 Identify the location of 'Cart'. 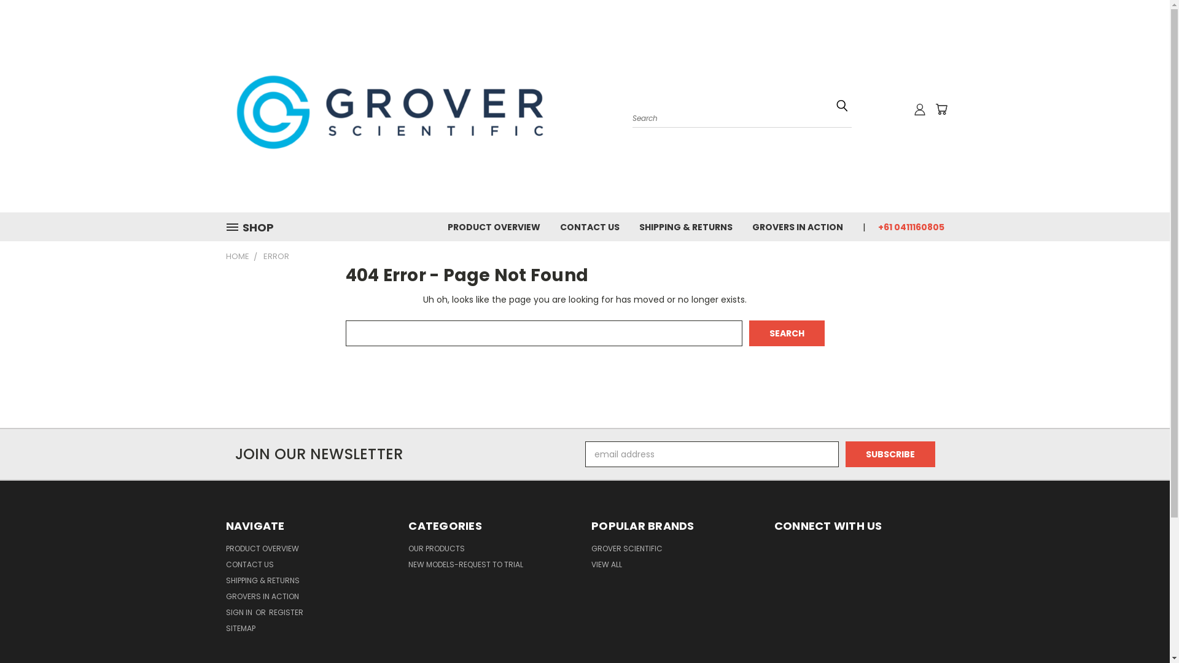
(940, 108).